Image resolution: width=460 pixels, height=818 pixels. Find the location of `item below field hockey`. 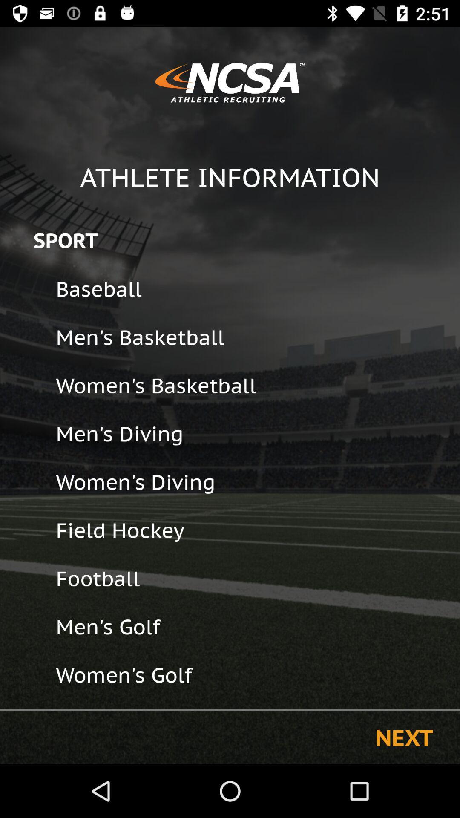

item below field hockey is located at coordinates (252, 578).